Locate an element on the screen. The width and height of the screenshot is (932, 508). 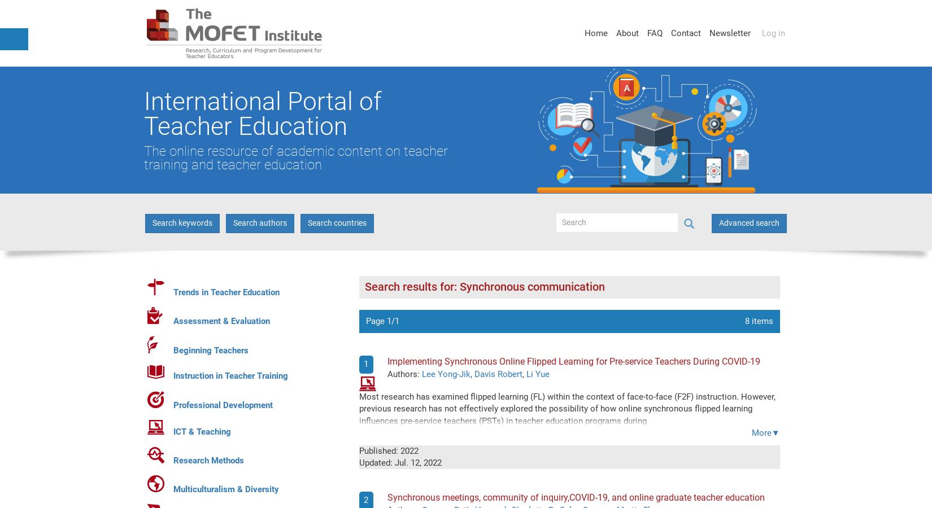
'Li Yue' is located at coordinates (537, 374).